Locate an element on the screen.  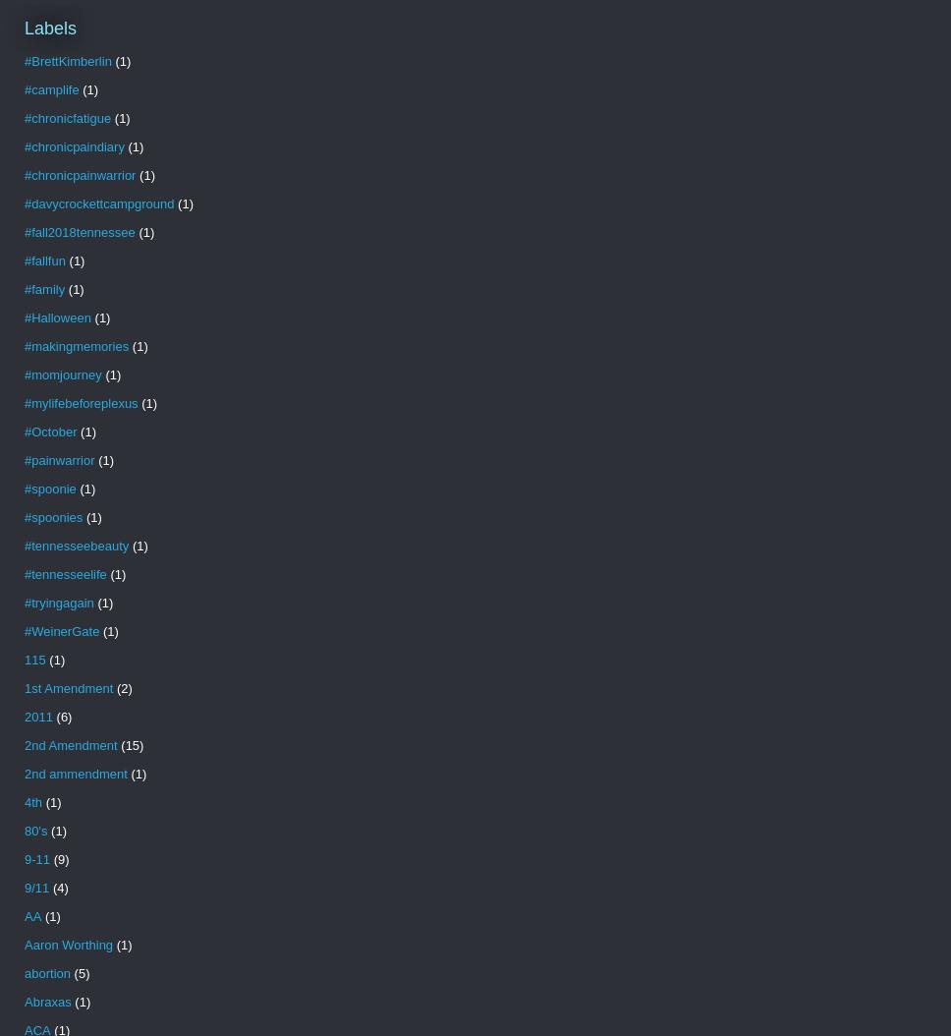
'2nd Amendment' is located at coordinates (70, 745).